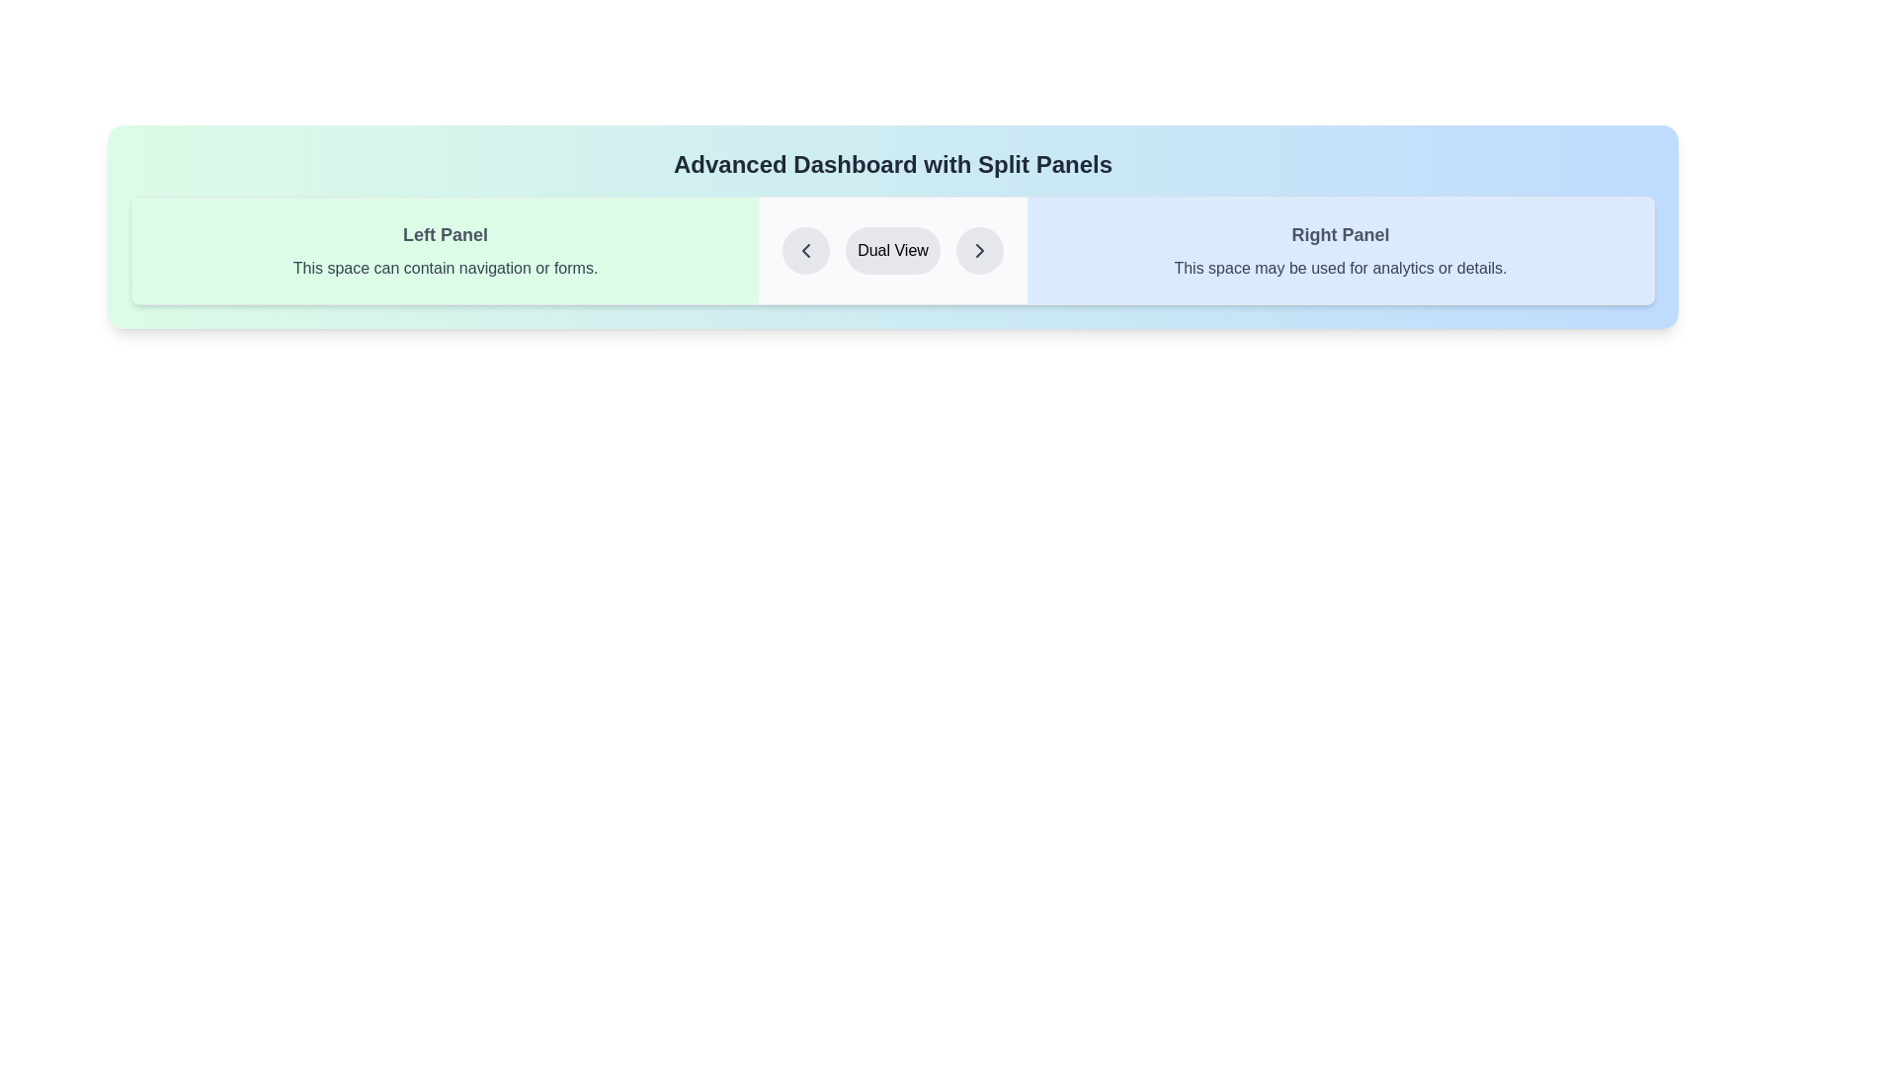 The height and width of the screenshot is (1067, 1897). What do you see at coordinates (979, 250) in the screenshot?
I see `the chevron icon button, which is a gray triangular shape pointing to the right and located as the rightmost of three buttons in the control panel` at bounding box center [979, 250].